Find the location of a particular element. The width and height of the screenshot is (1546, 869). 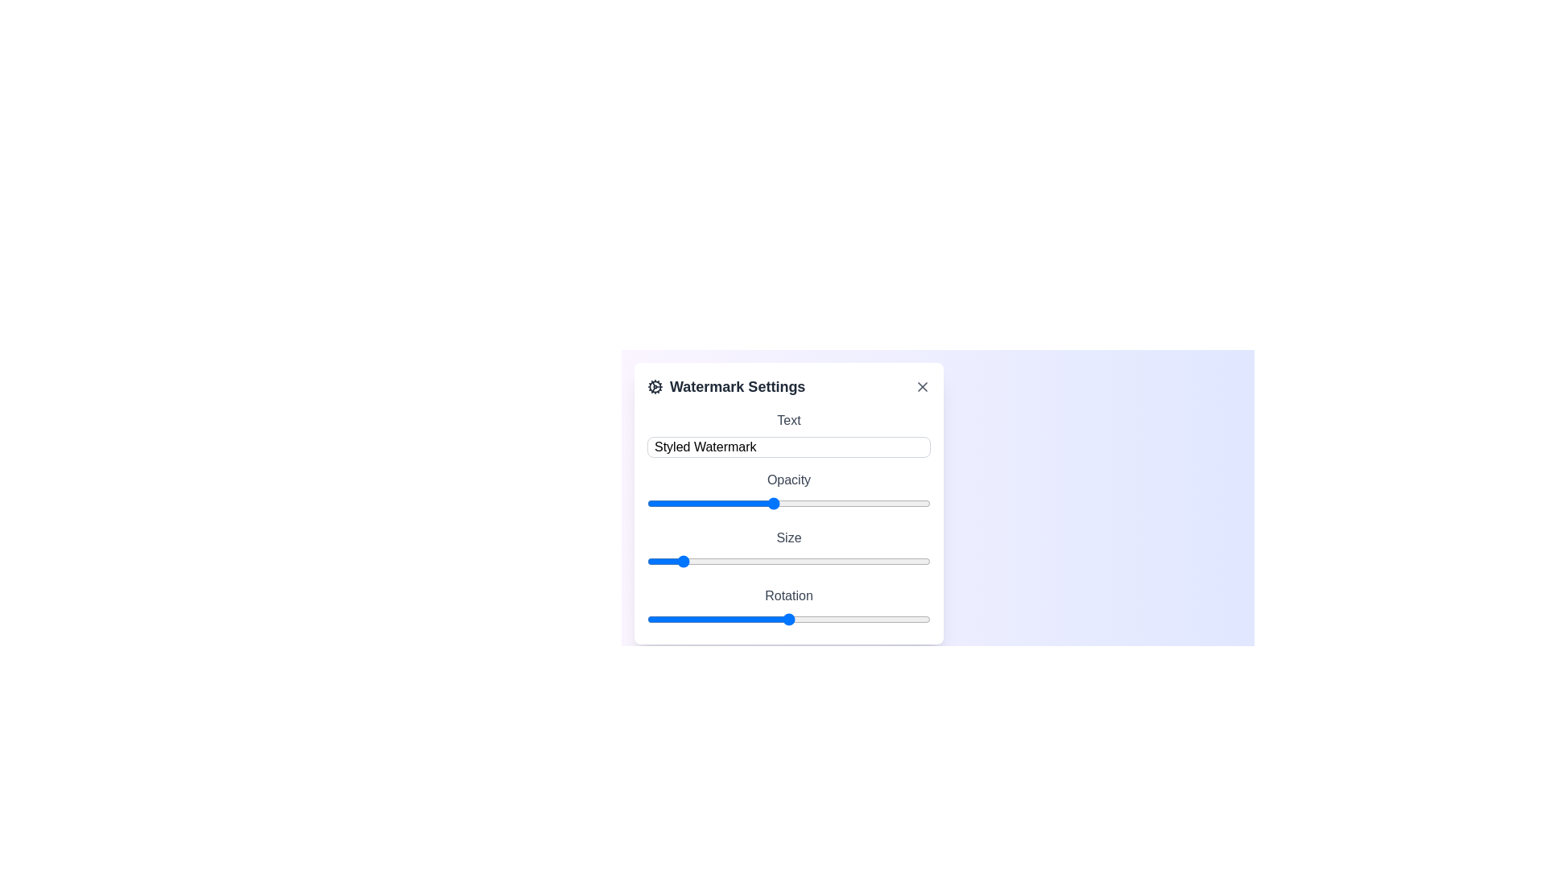

size is located at coordinates (702, 561).